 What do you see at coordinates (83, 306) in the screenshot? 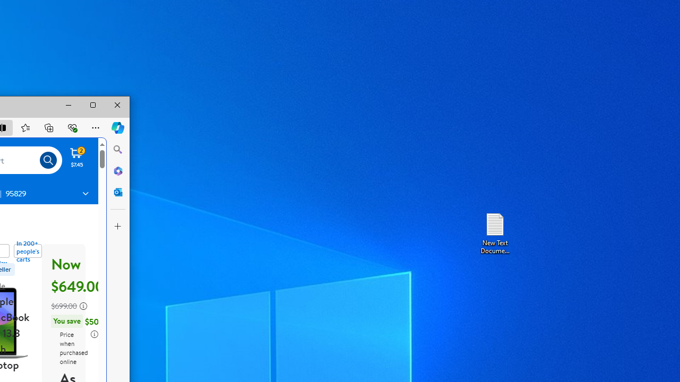
I see `'learn more about strikethrough prices'` at bounding box center [83, 306].